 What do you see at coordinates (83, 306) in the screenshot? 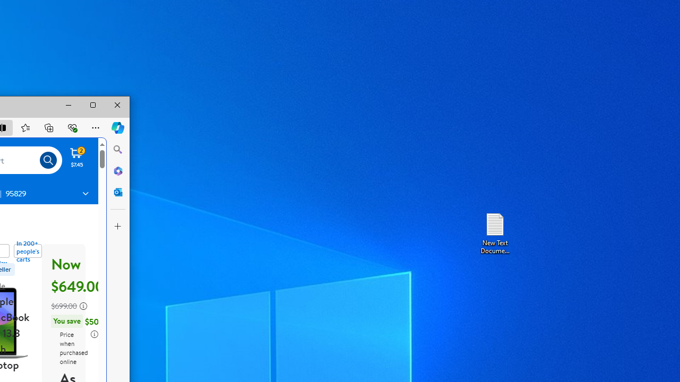
I see `'learn more about strikethrough prices'` at bounding box center [83, 306].